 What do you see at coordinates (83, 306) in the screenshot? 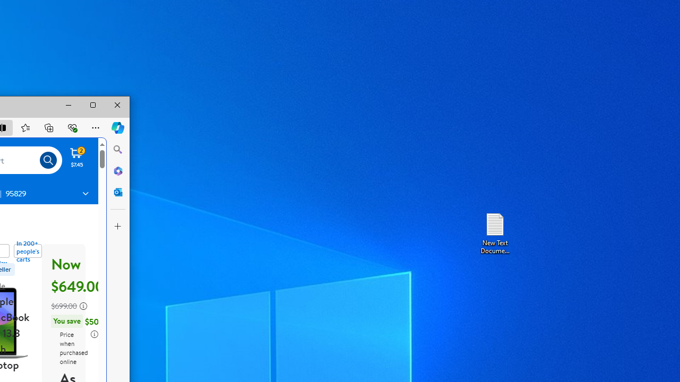
I see `'learn more about strikethrough prices'` at bounding box center [83, 306].